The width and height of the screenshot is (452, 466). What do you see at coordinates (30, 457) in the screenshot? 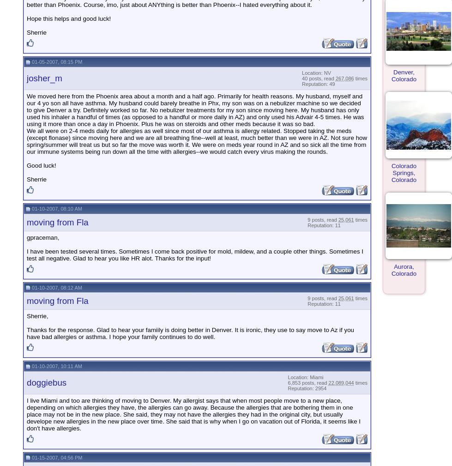
I see `'01-15-2007, 04:56 PM'` at bounding box center [30, 457].